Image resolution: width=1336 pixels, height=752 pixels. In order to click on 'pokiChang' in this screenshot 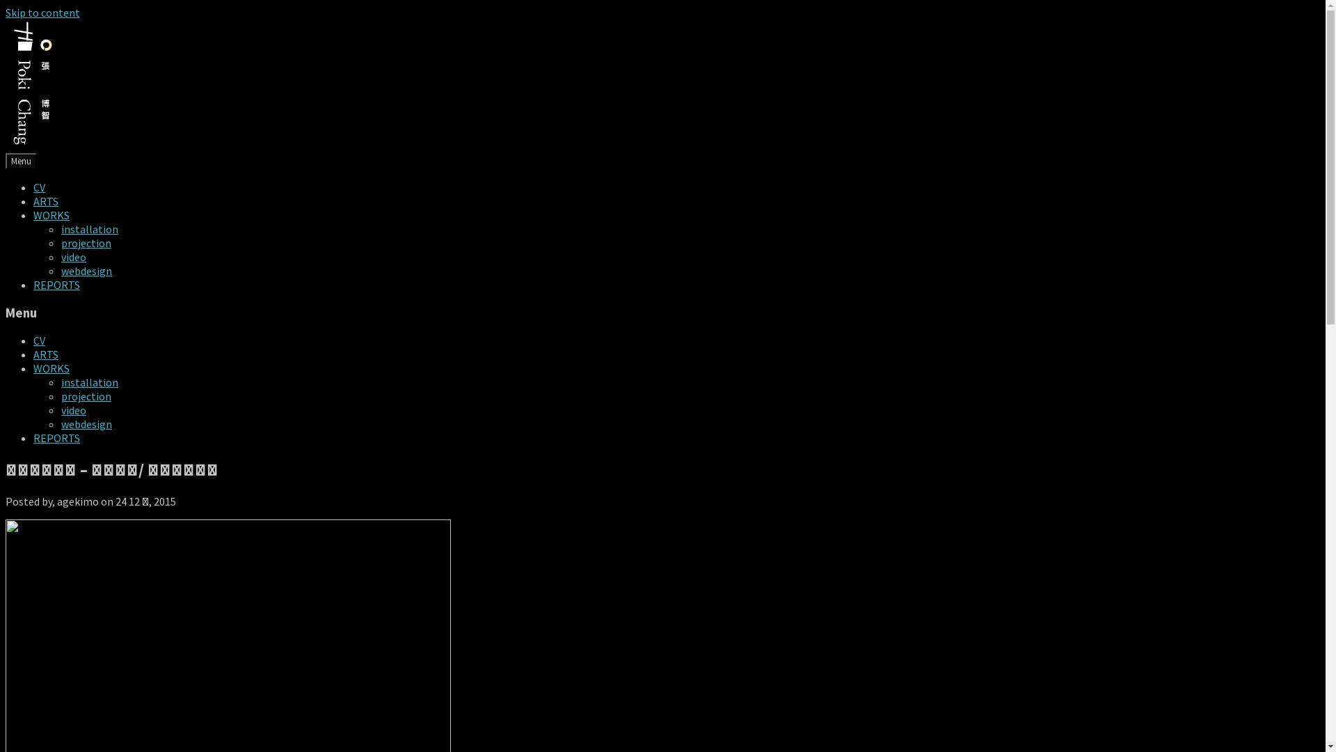, I will do `click(33, 146)`.